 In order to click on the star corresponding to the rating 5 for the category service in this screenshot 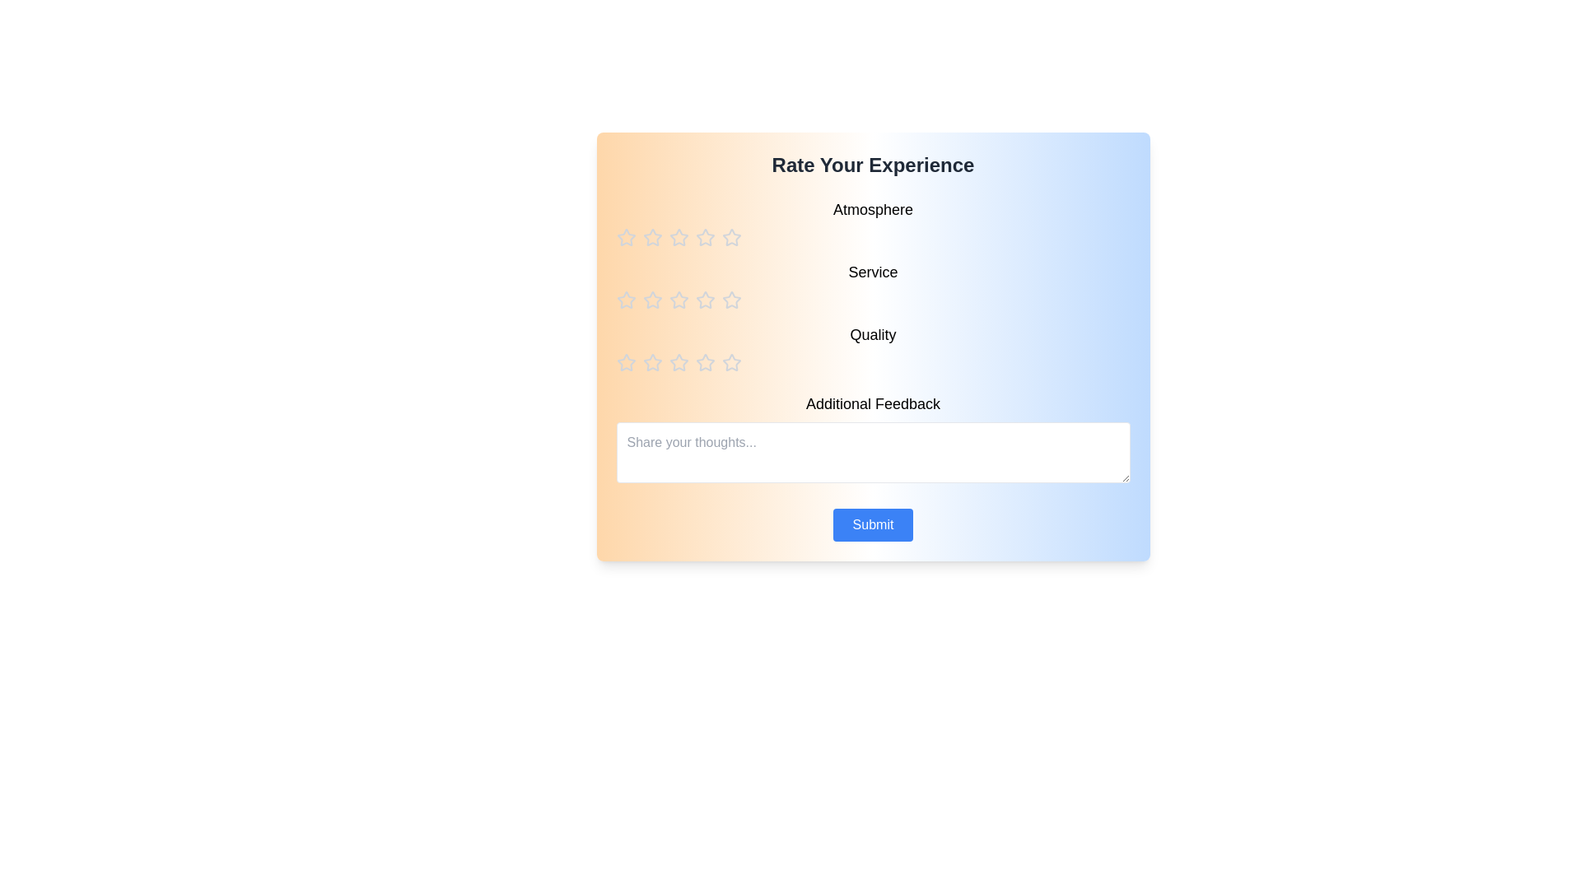, I will do `click(730, 300)`.